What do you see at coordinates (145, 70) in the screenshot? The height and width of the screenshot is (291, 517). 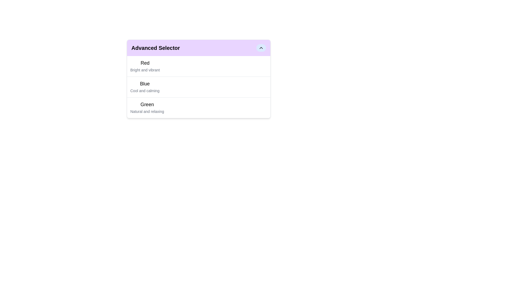 I see `the text label displaying 'Bright and vibrant', which is styled in light gray and located under the 'Red' list entry` at bounding box center [145, 70].